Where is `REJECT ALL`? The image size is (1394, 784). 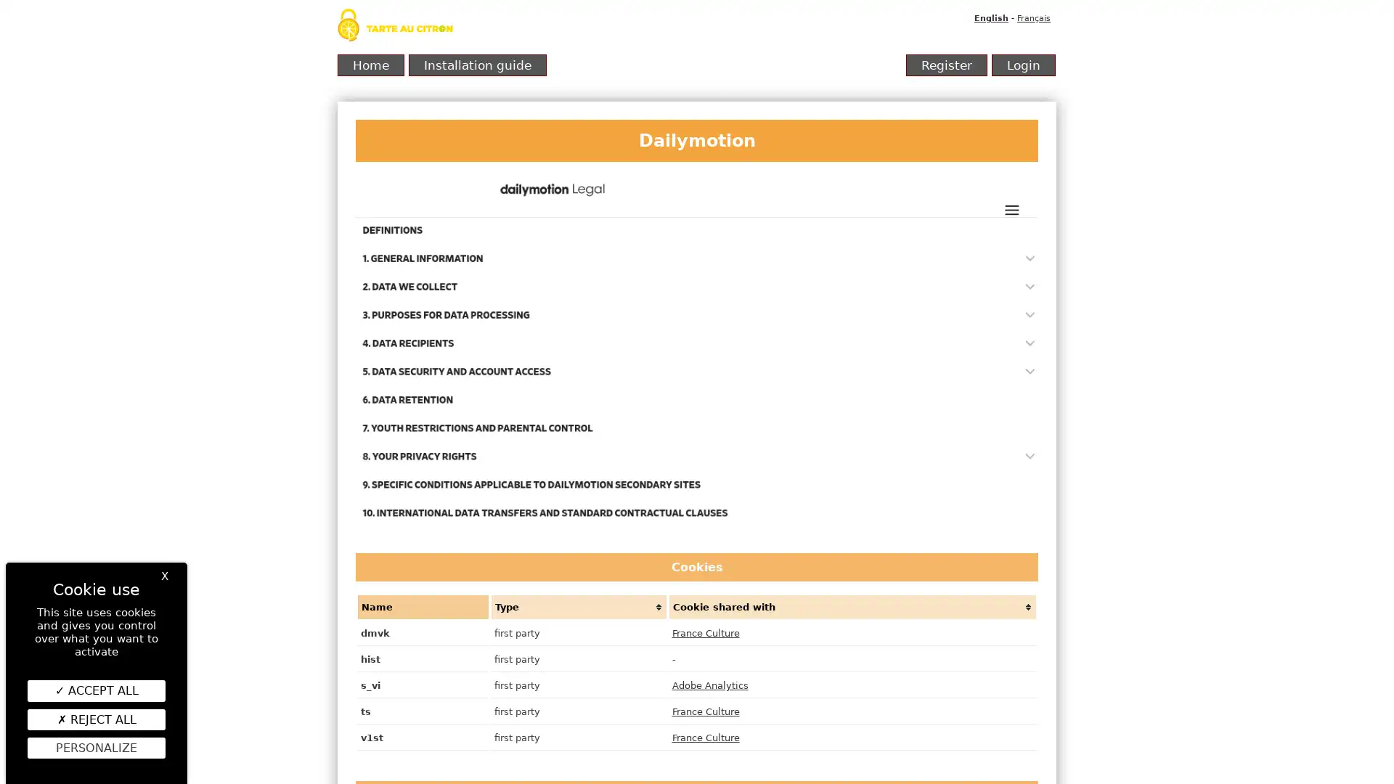 REJECT ALL is located at coordinates (96, 719).